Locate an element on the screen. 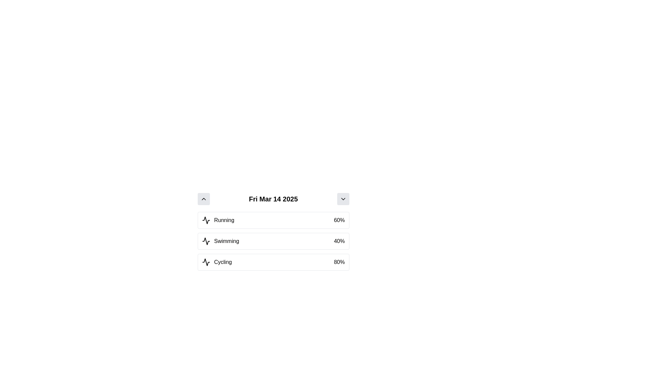 This screenshot has height=365, width=650. the non-interactive text label displaying a percentage value related to 'Running', positioned in the rightmost part of the first row, aligned horizontally with the 'Running' text is located at coordinates (339, 220).